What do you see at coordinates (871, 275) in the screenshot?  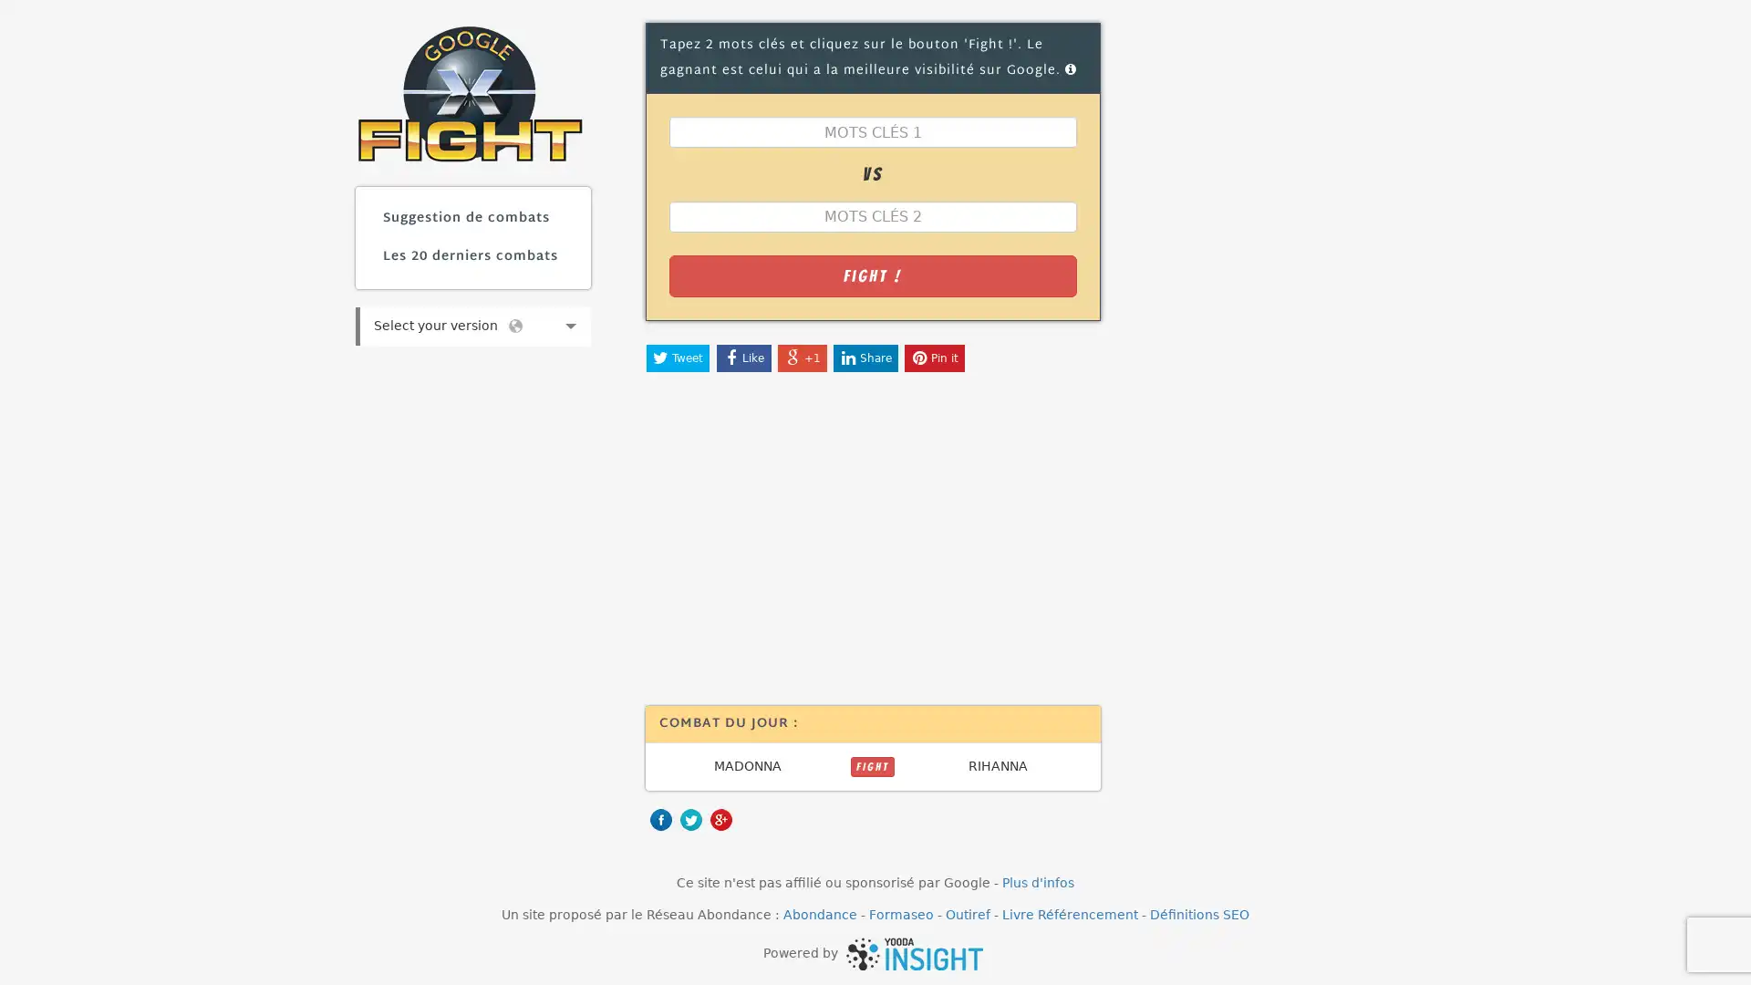 I see `Fight !` at bounding box center [871, 275].